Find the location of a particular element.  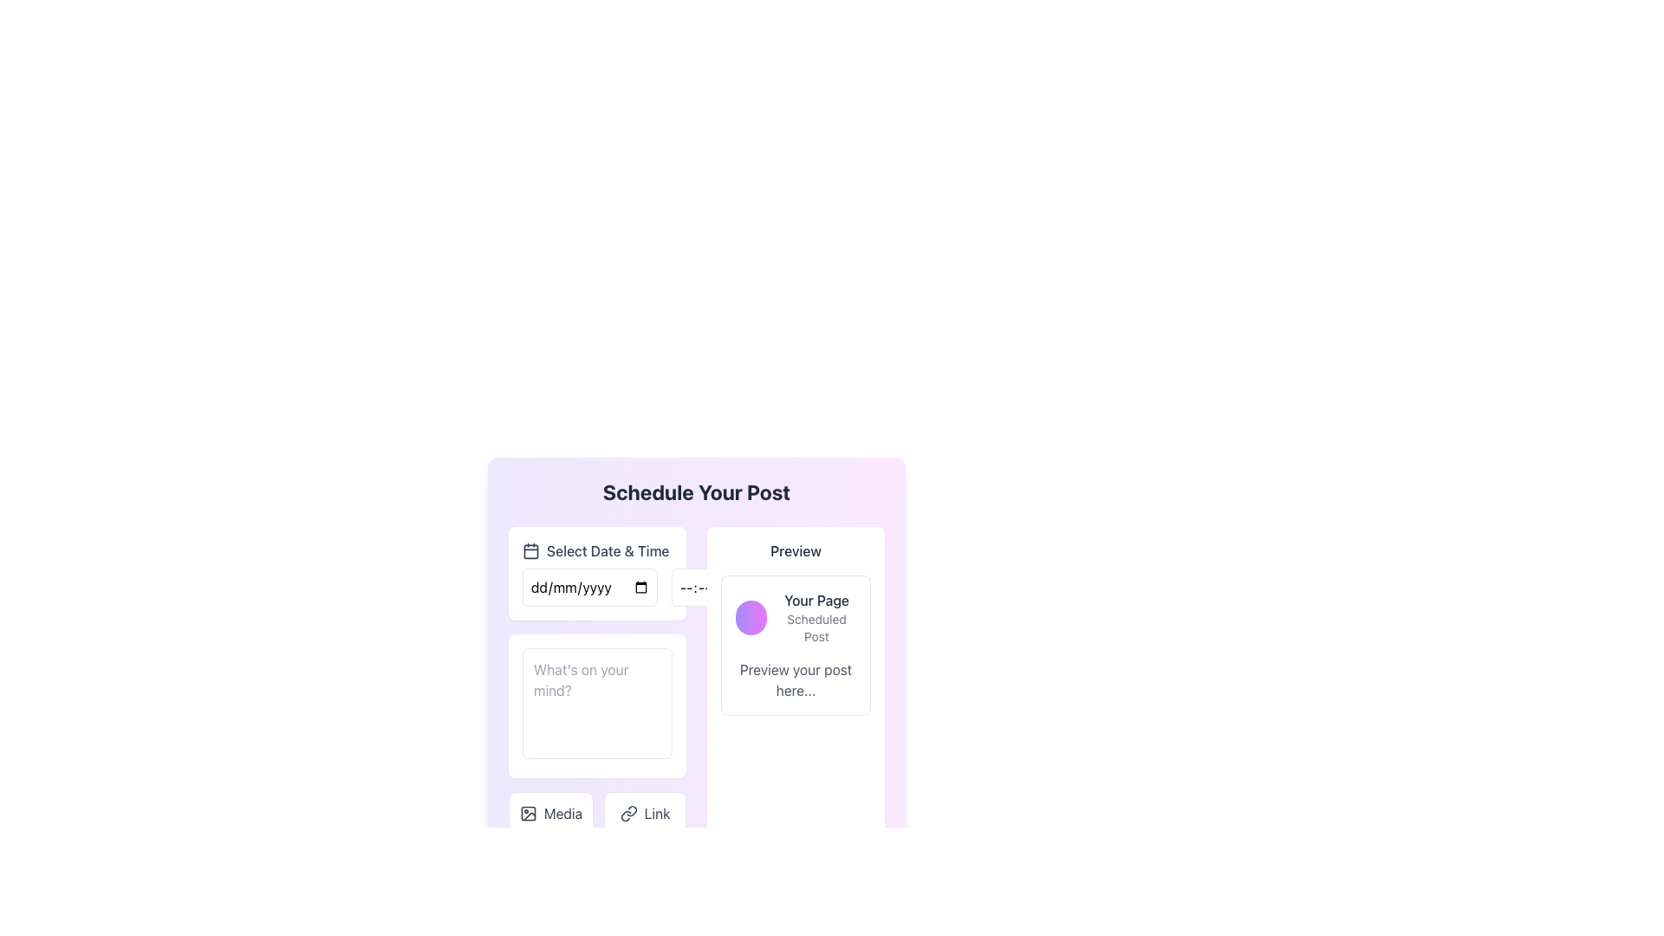

the large text input field styled with rounded corners and a light border is located at coordinates (597, 704).